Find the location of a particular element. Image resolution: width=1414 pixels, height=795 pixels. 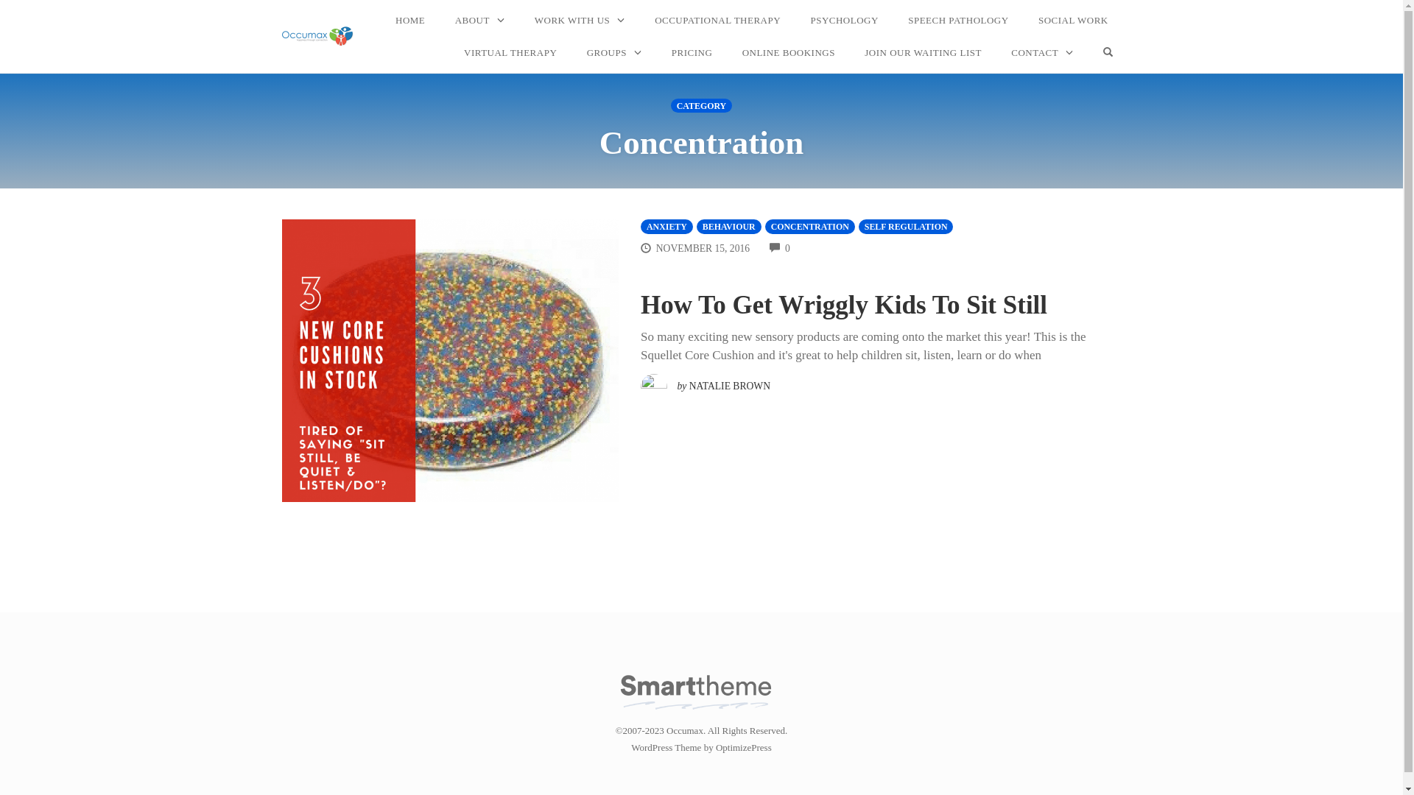

'0 is located at coordinates (779, 247).